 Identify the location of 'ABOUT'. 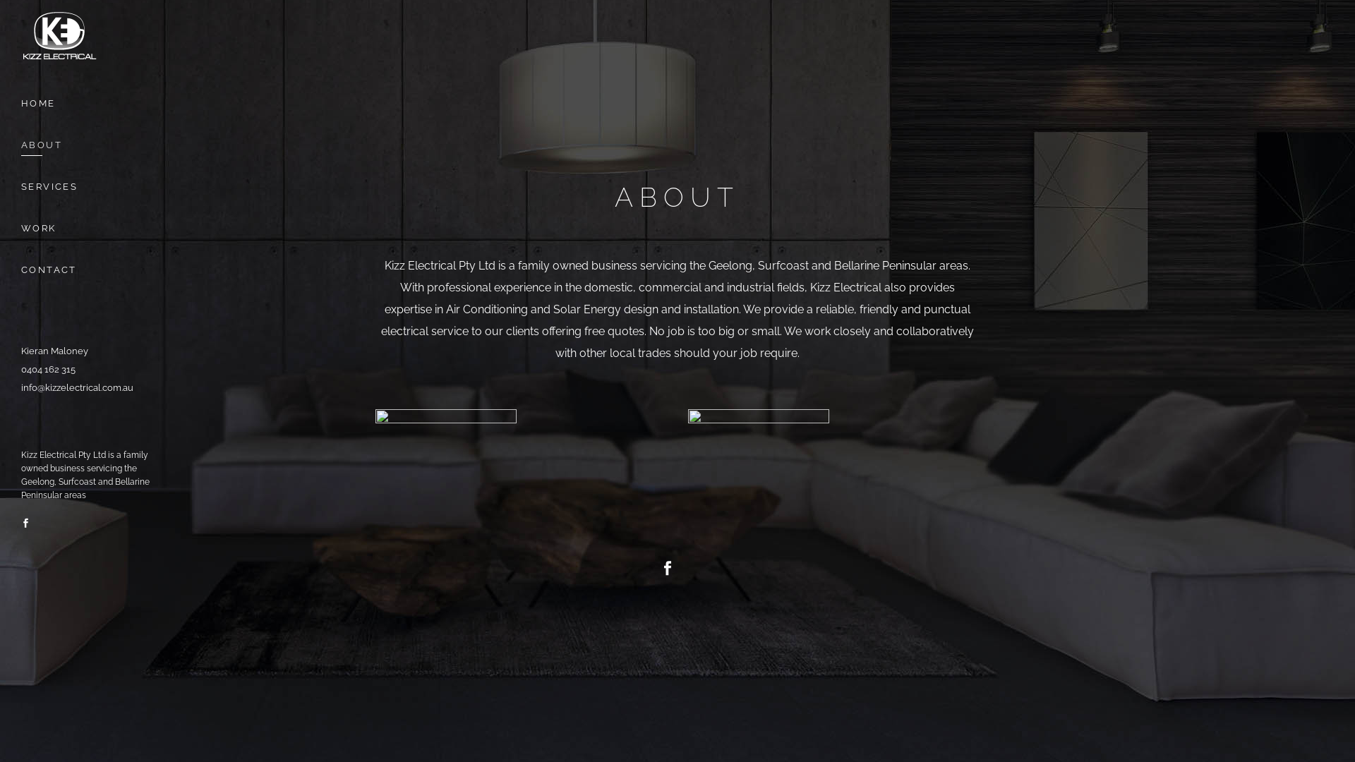
(90, 145).